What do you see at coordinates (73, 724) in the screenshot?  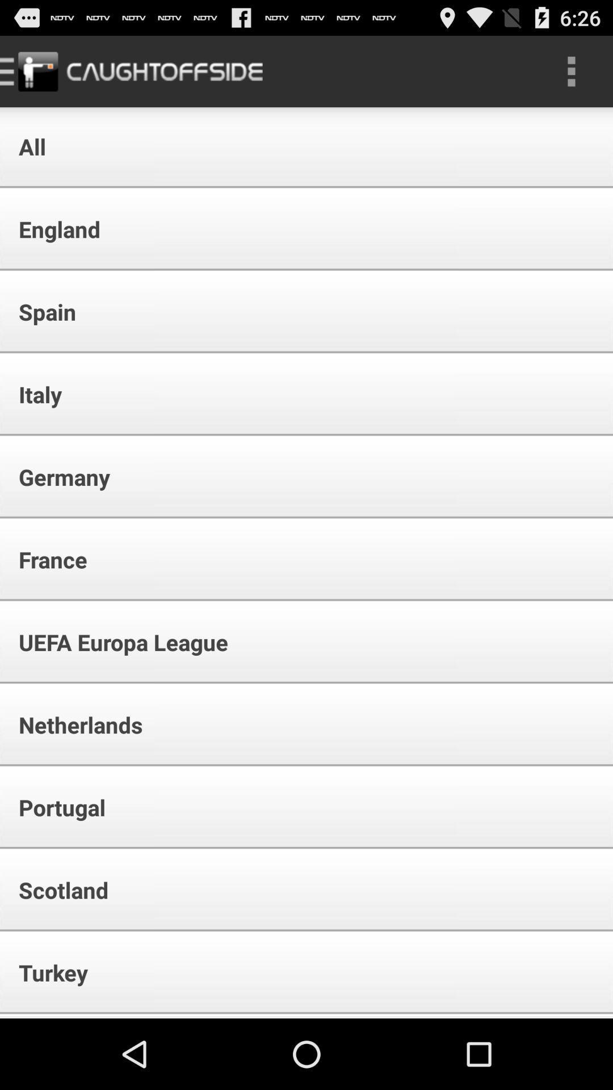 I see `the icon above the portugal item` at bounding box center [73, 724].